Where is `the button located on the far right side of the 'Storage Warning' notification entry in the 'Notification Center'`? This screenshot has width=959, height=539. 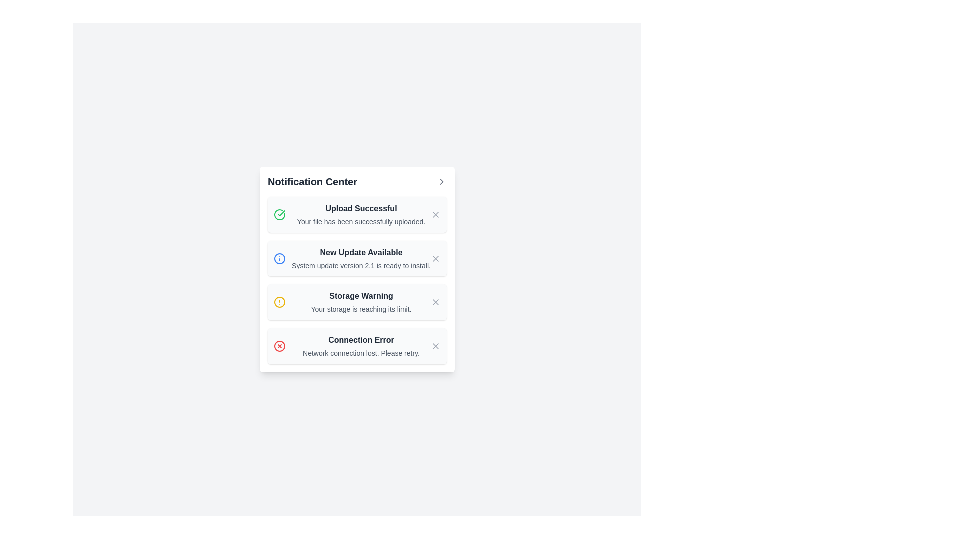 the button located on the far right side of the 'Storage Warning' notification entry in the 'Notification Center' is located at coordinates (435, 301).